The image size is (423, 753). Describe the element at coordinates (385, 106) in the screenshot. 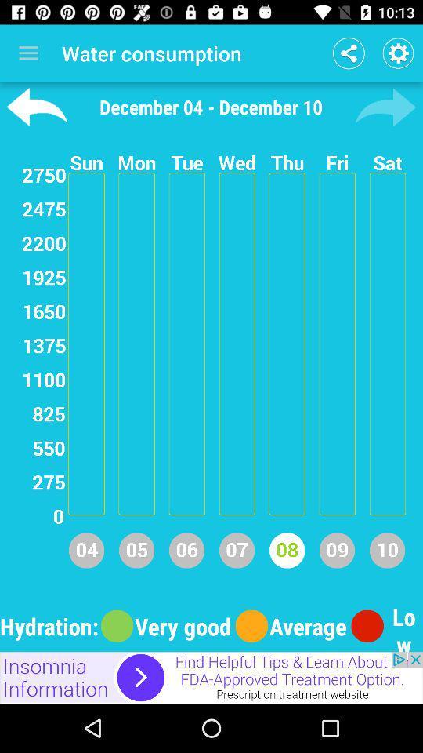

I see `the arrow_forward icon` at that location.